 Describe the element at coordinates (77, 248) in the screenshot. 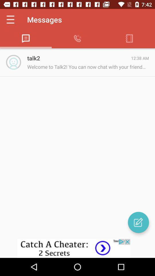

I see `advertisement` at that location.